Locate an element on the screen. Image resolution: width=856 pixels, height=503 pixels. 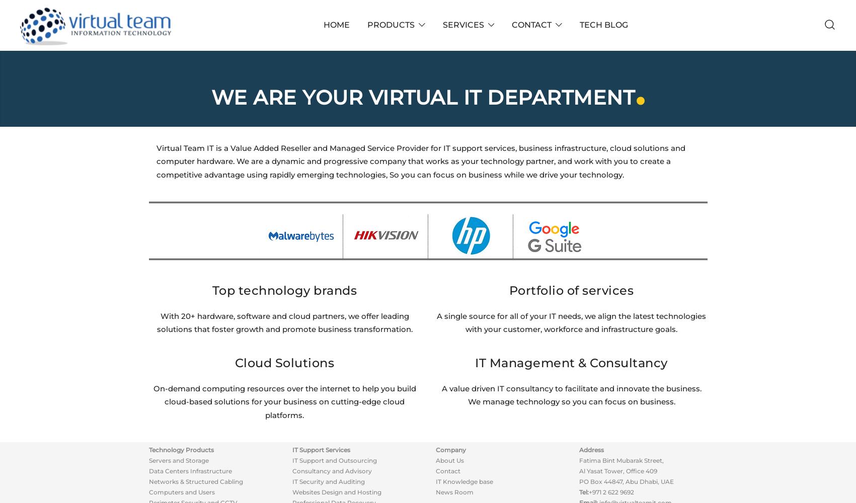
'Networks & Structured Cabling' is located at coordinates (148, 481).